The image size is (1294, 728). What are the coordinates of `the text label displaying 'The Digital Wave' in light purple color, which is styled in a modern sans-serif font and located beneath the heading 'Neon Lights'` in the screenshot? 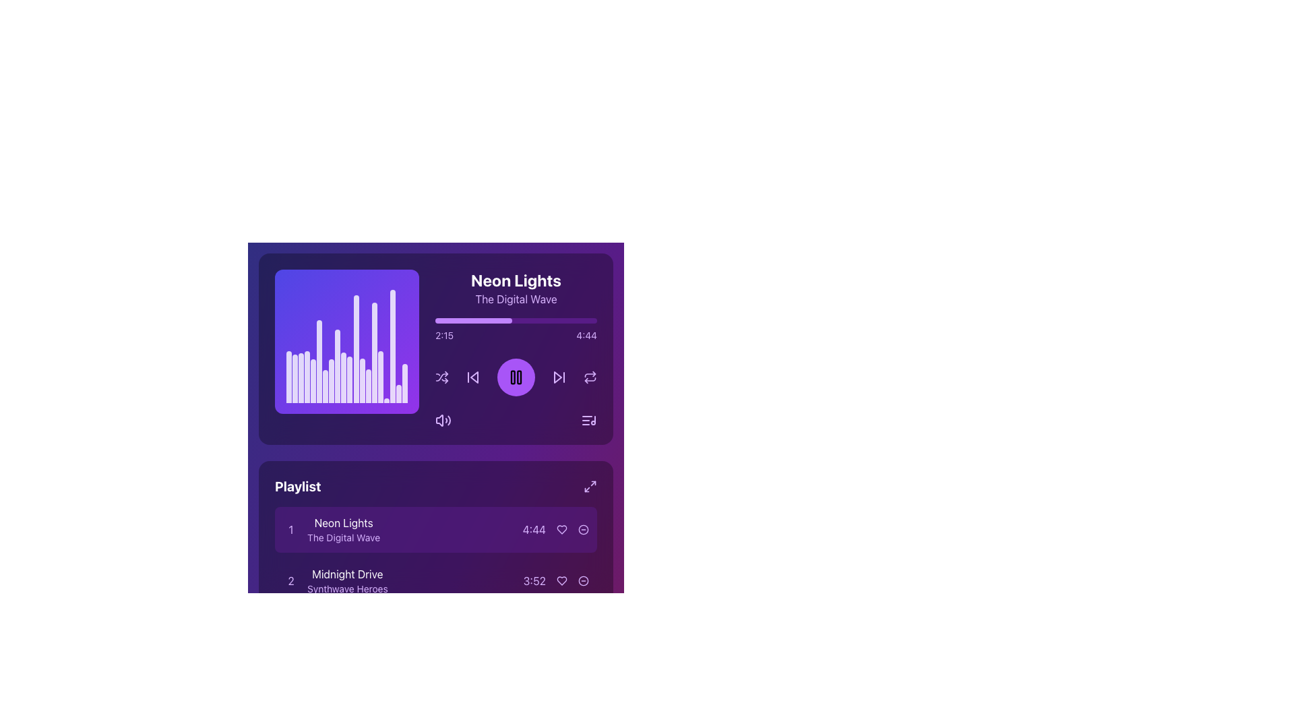 It's located at (516, 298).